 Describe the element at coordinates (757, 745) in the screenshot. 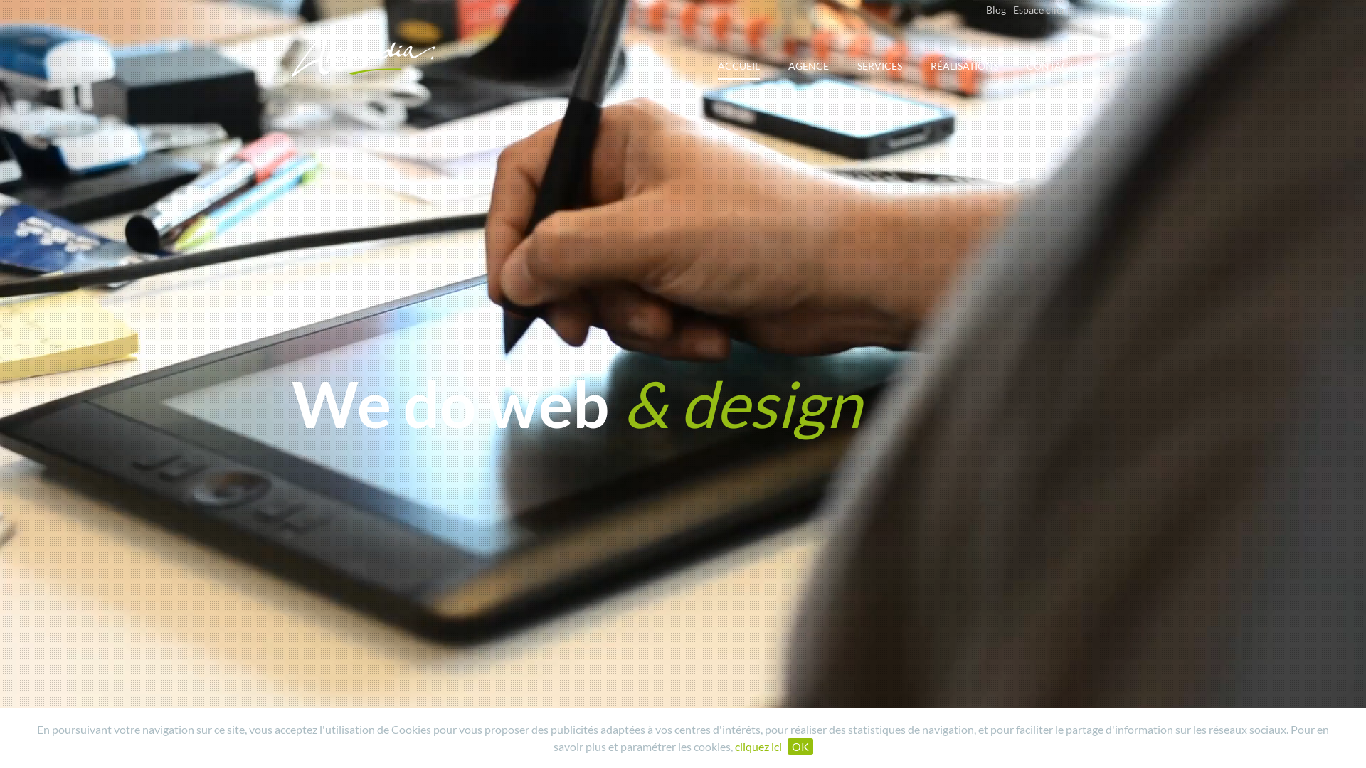

I see `'cliquez ici'` at that location.